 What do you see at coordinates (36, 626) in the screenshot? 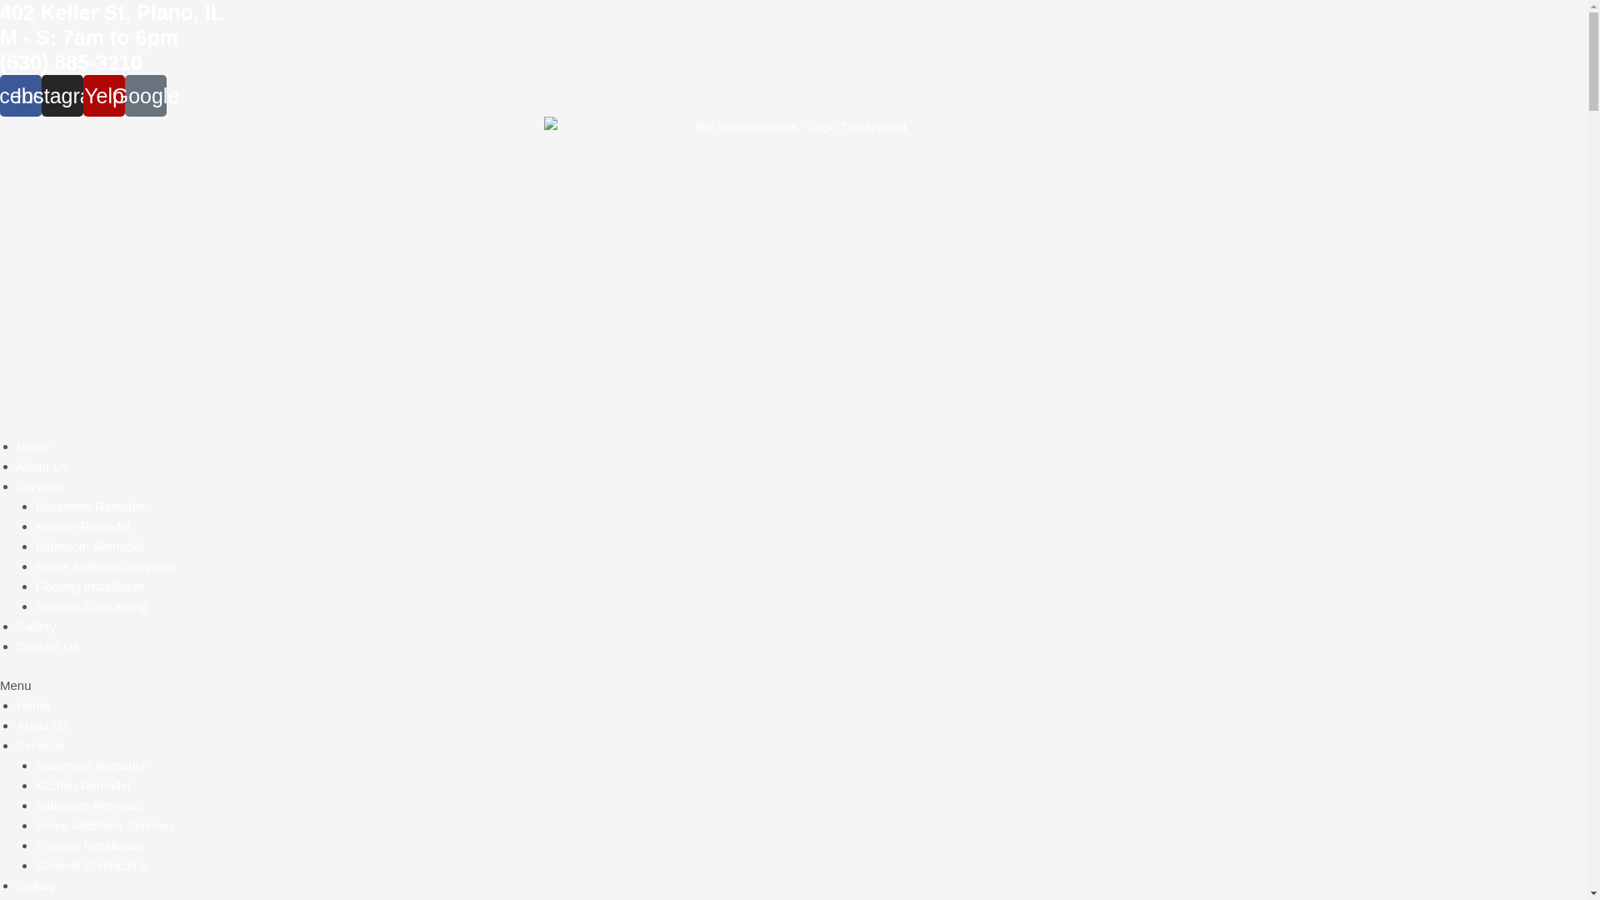
I see `'Gallery'` at bounding box center [36, 626].